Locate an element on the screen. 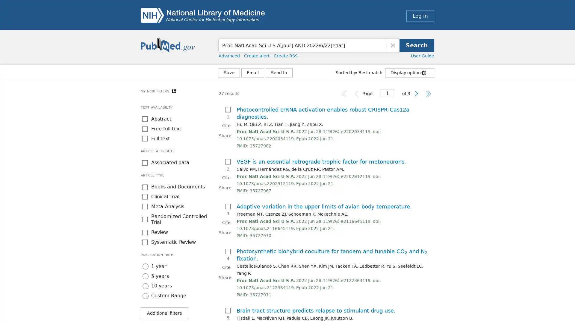 The height and width of the screenshot is (323, 575). Display options is located at coordinates (409, 72).